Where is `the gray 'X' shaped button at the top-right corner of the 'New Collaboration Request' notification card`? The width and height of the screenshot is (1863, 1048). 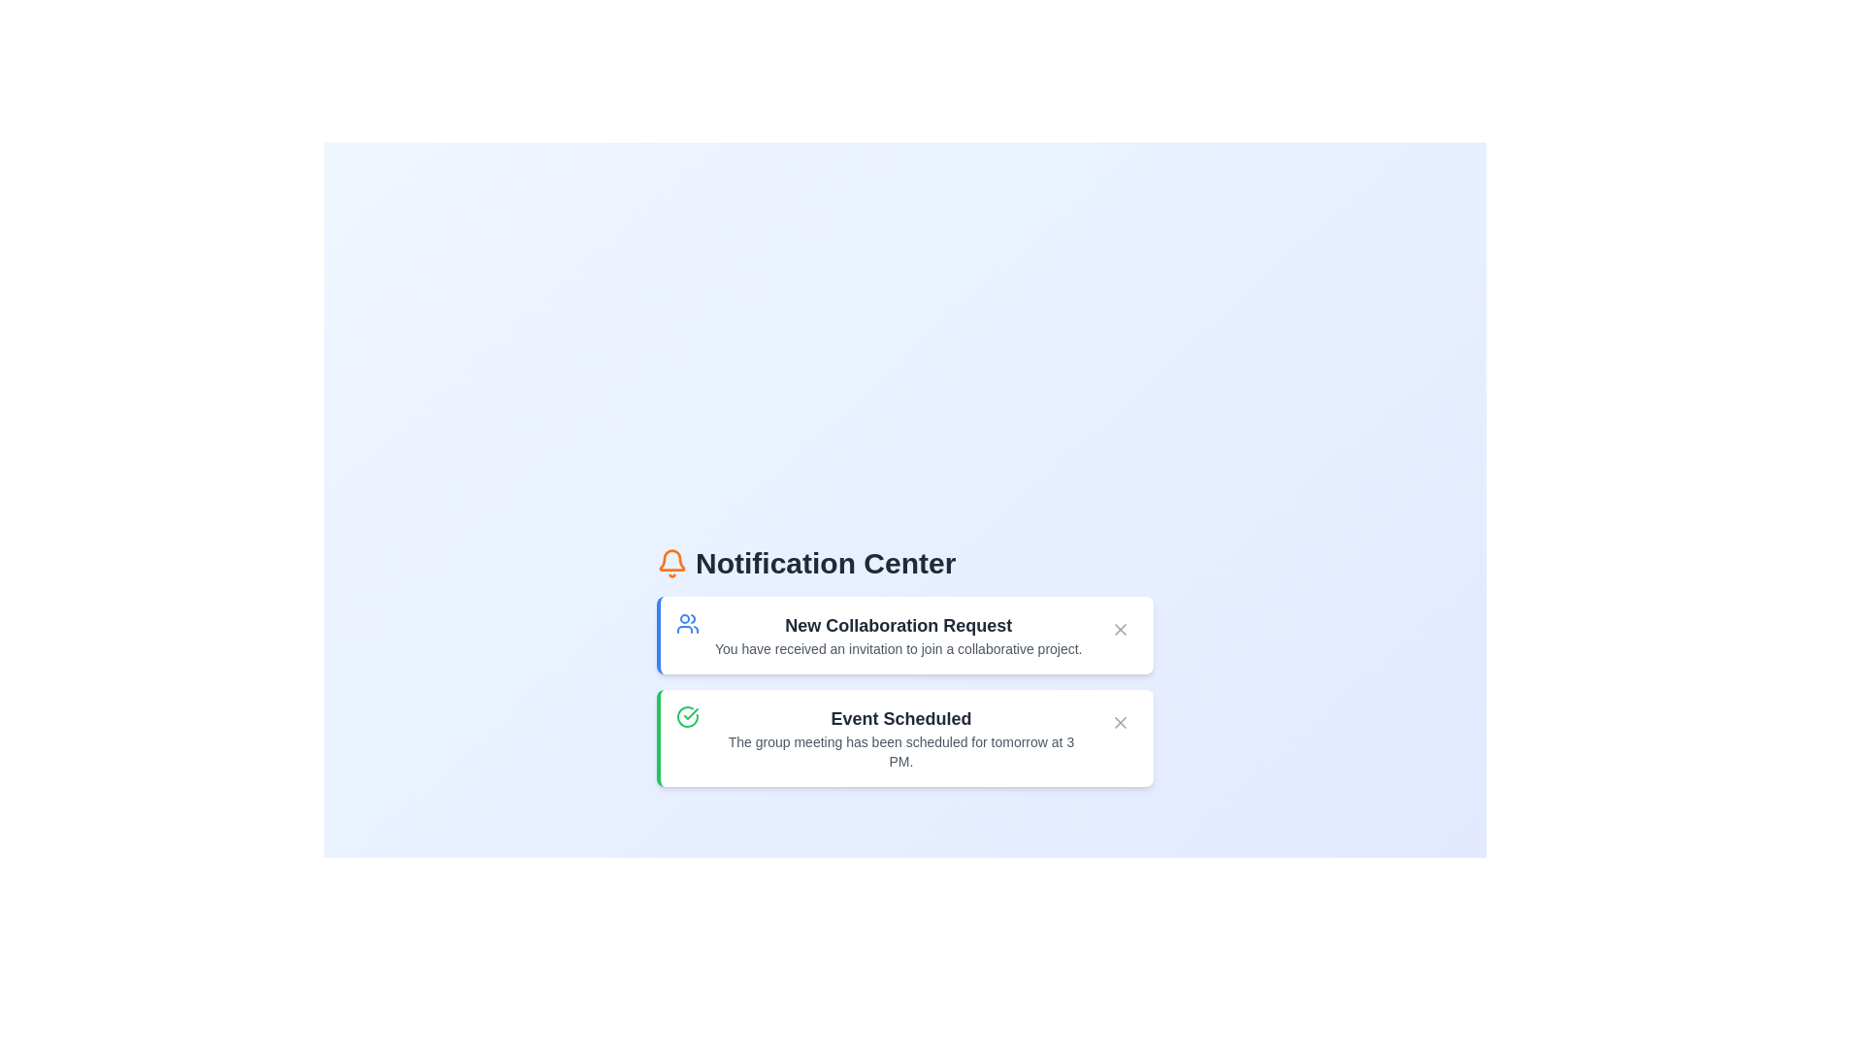 the gray 'X' shaped button at the top-right corner of the 'New Collaboration Request' notification card is located at coordinates (1121, 629).